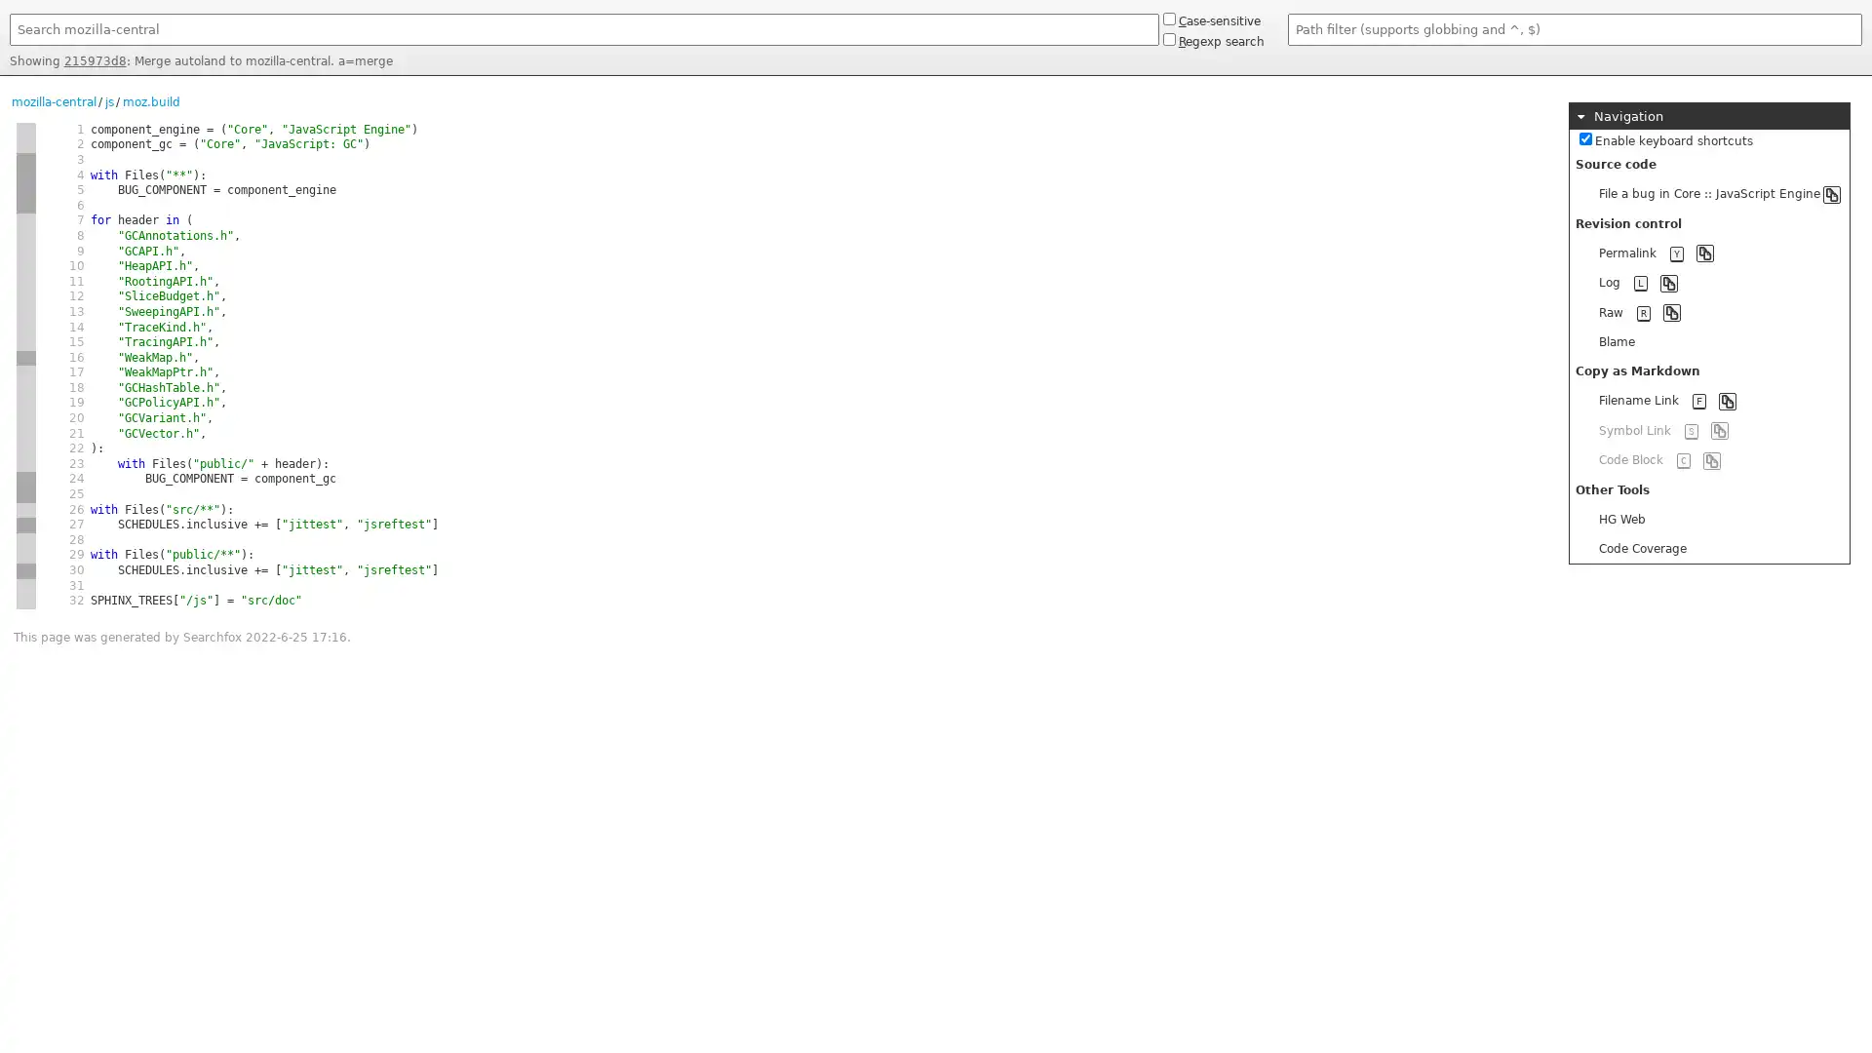 Image resolution: width=1872 pixels, height=1053 pixels. Describe the element at coordinates (1708, 429) in the screenshot. I see `Symbol Link S` at that location.